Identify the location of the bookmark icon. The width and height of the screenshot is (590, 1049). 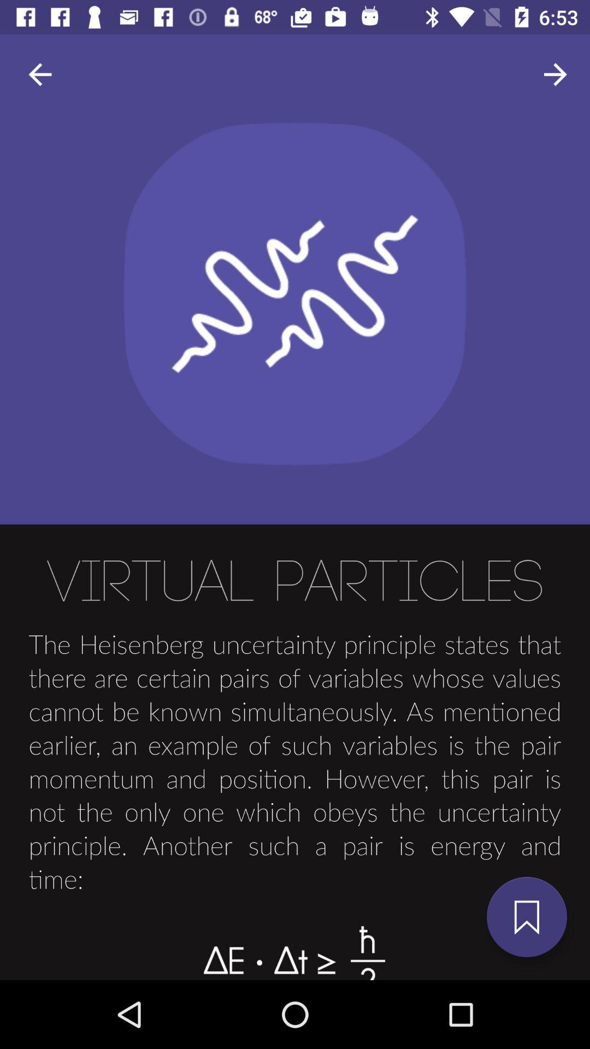
(526, 917).